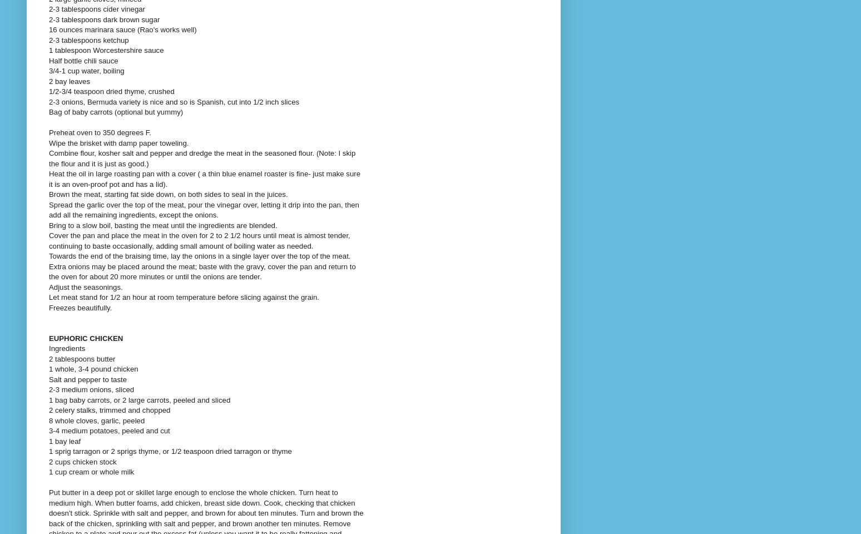  Describe the element at coordinates (108, 430) in the screenshot. I see `'3-4 medium potatoes, peeled and cut'` at that location.